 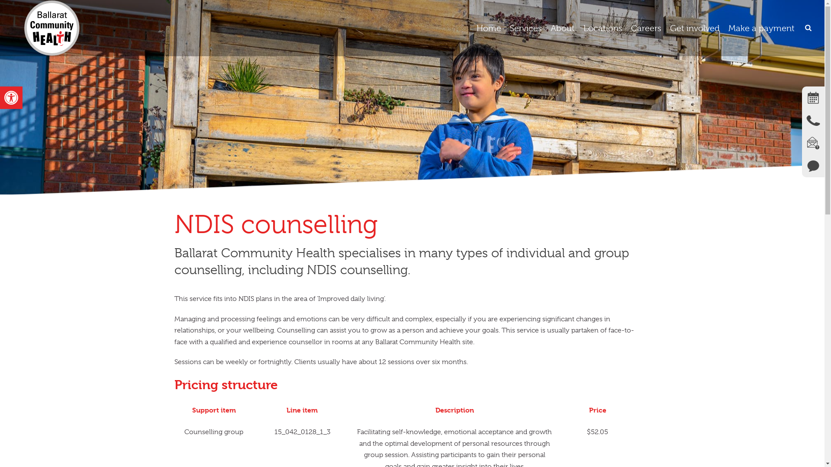 I want to click on 'Make a payment', so click(x=761, y=28).